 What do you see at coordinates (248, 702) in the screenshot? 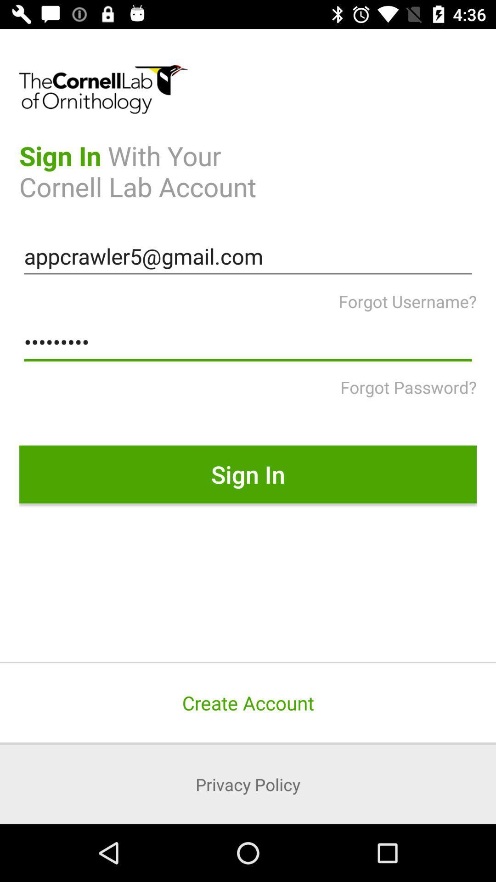
I see `create account` at bounding box center [248, 702].